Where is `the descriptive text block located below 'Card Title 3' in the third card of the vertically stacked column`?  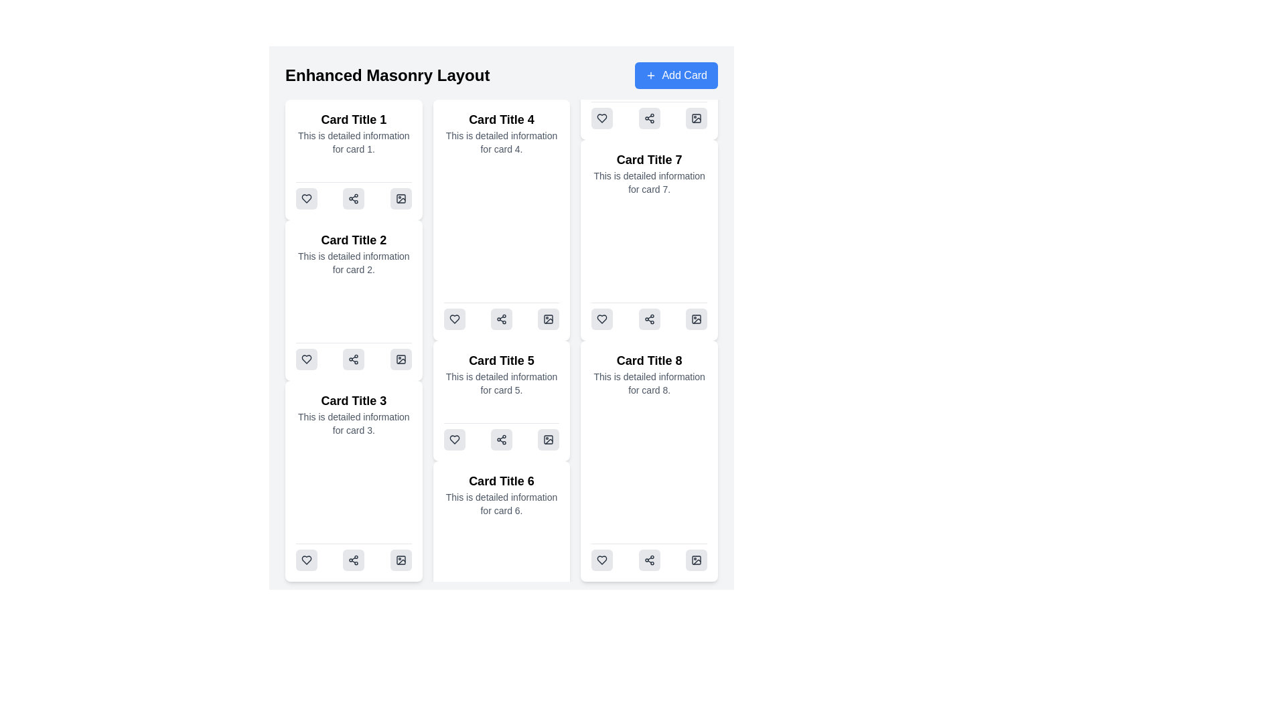
the descriptive text block located below 'Card Title 3' in the third card of the vertically stacked column is located at coordinates (354, 423).